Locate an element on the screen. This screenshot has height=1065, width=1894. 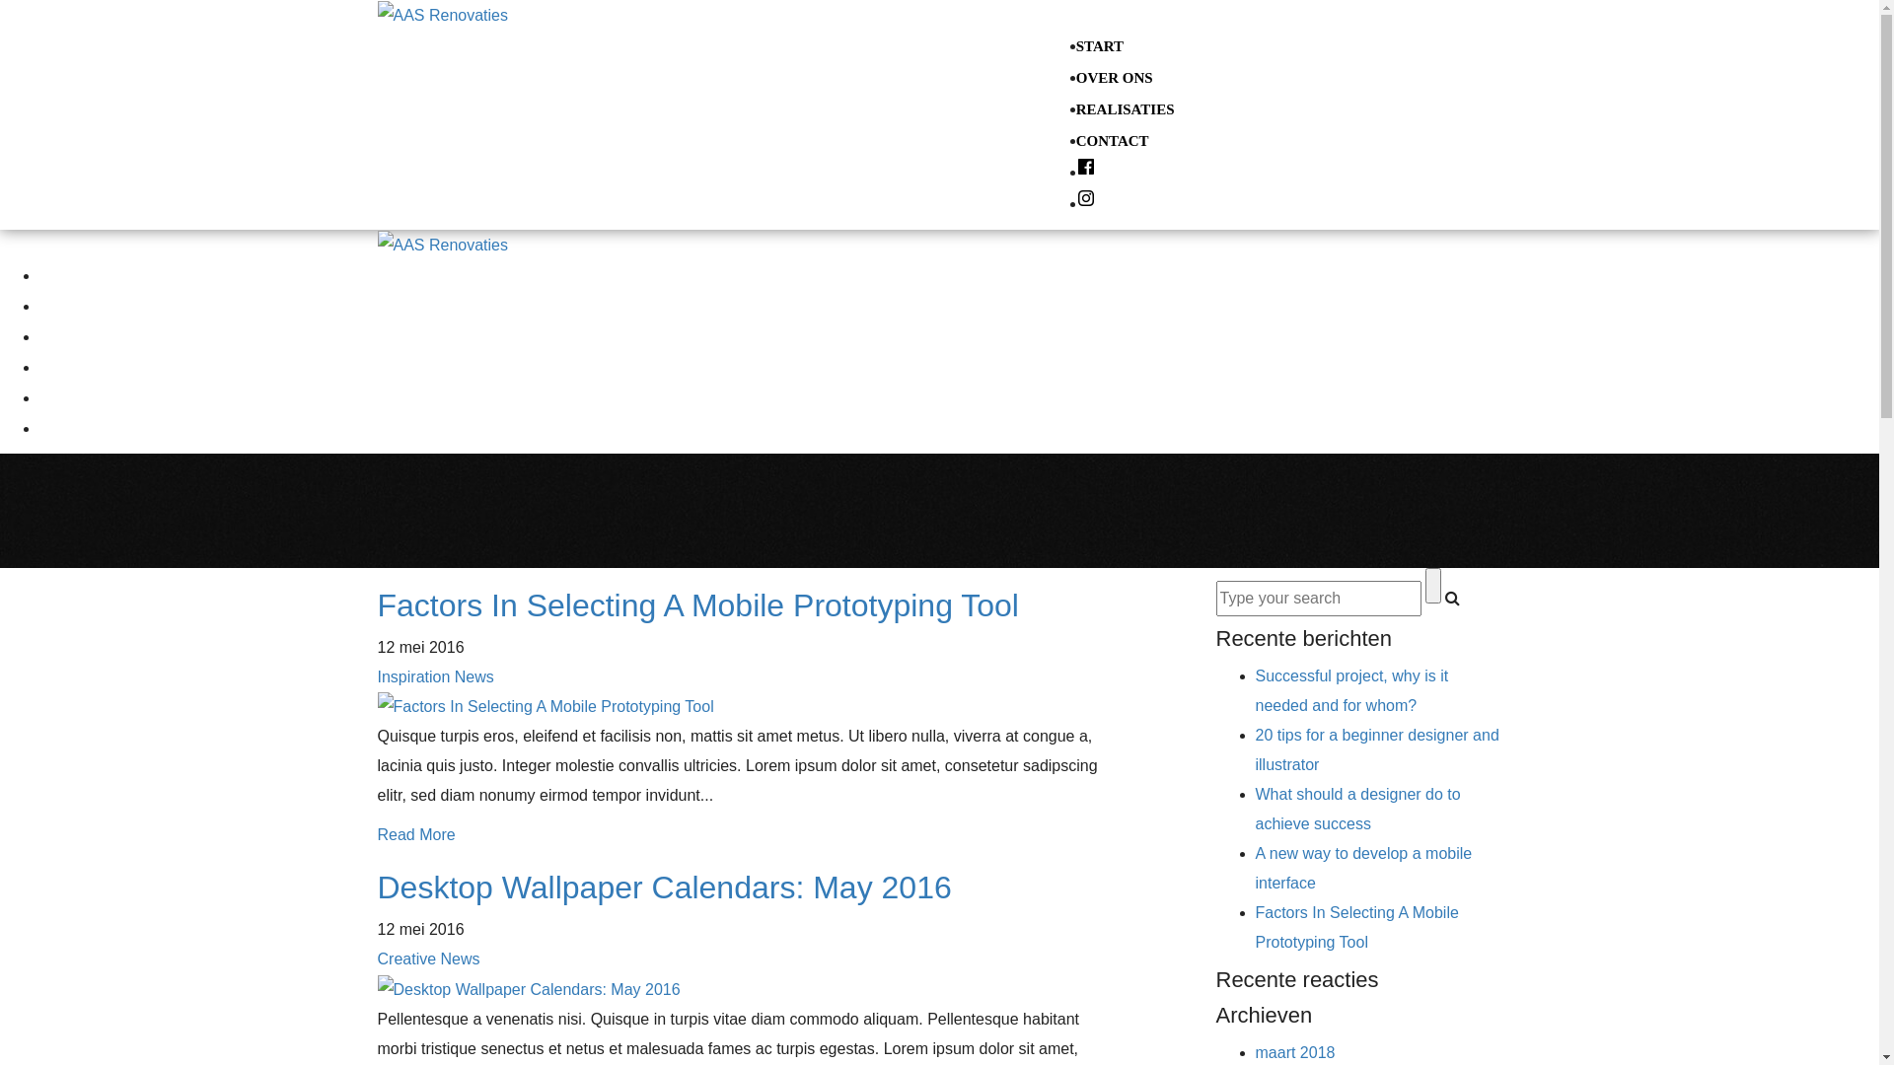
'Realisaties' is located at coordinates (72, 334).